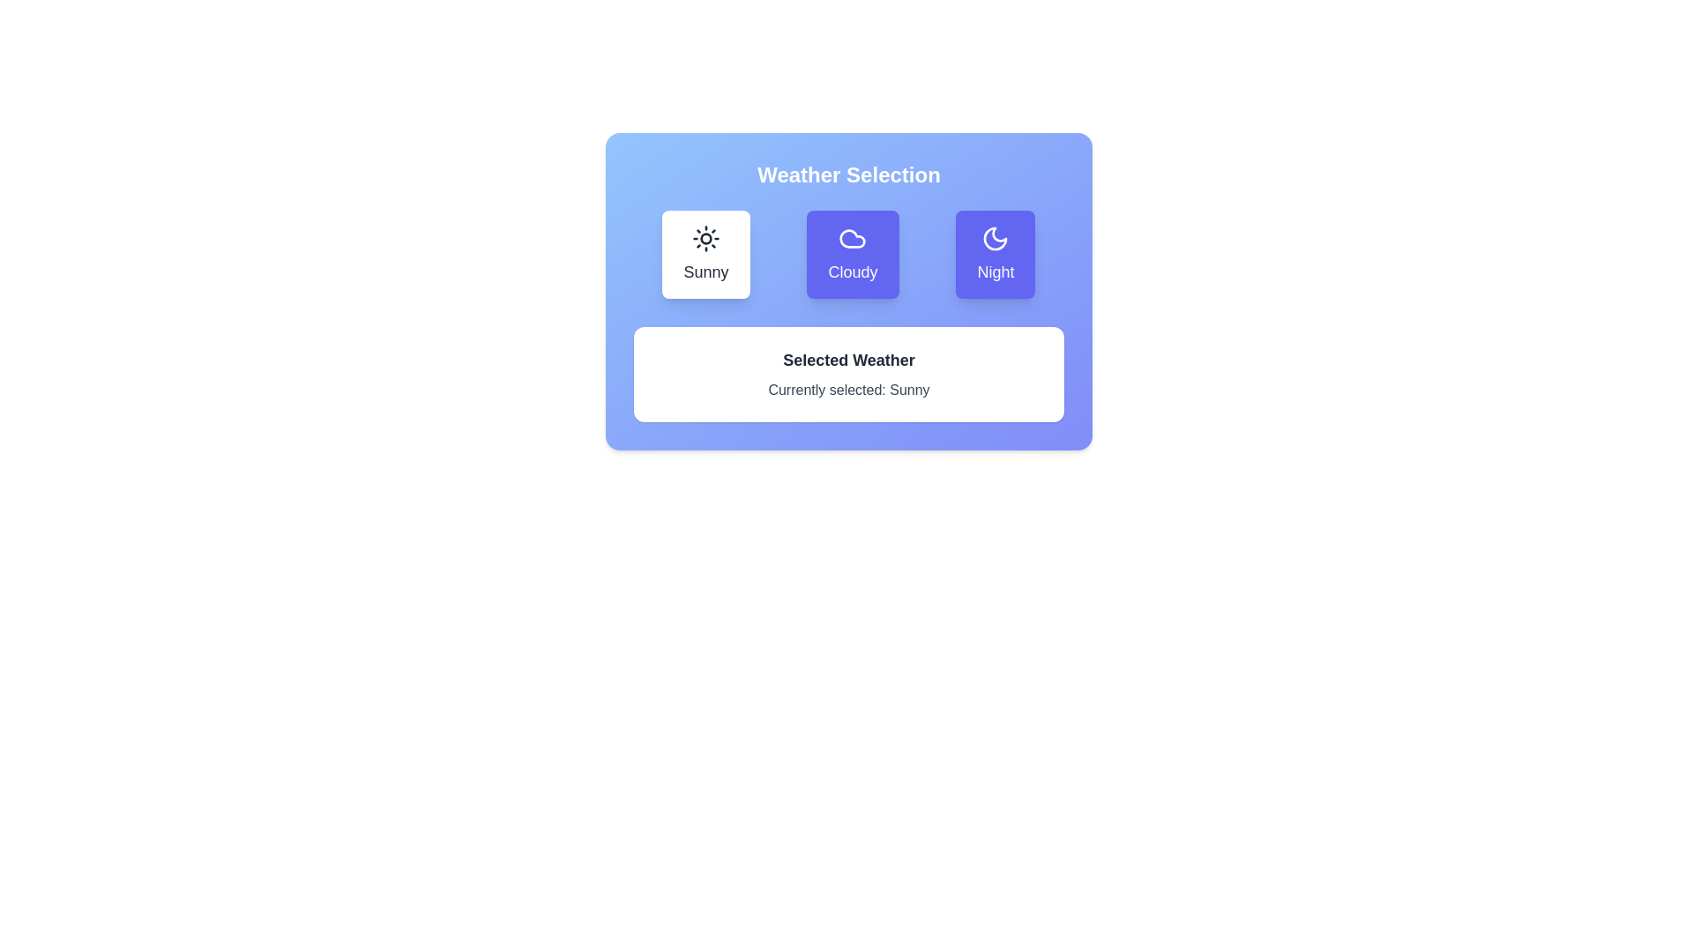 The image size is (1693, 952). I want to click on text label displaying 'Sunny', which is positioned below the sun icon in the Weather Selection panel, so click(706, 271).